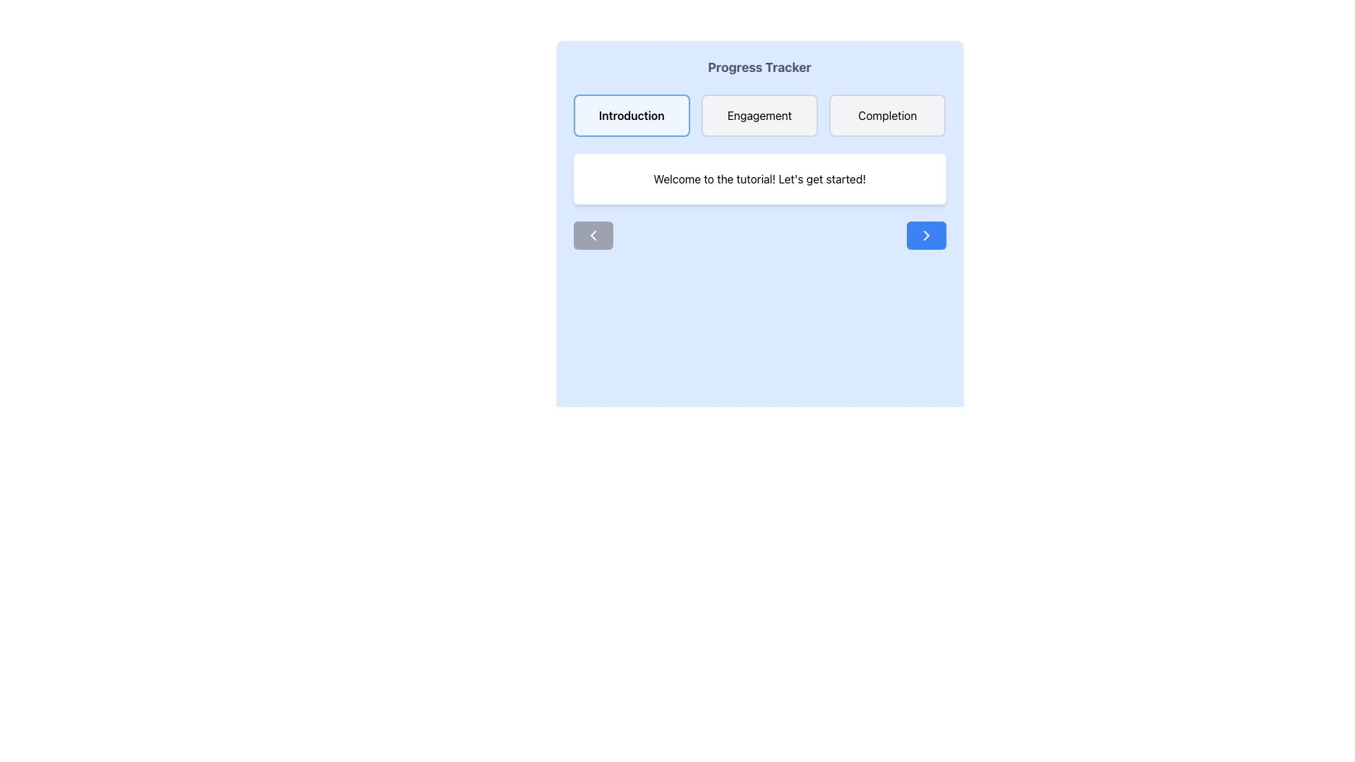  Describe the element at coordinates (886, 115) in the screenshot. I see `the third button in the 'Progress Tracker' section` at that location.